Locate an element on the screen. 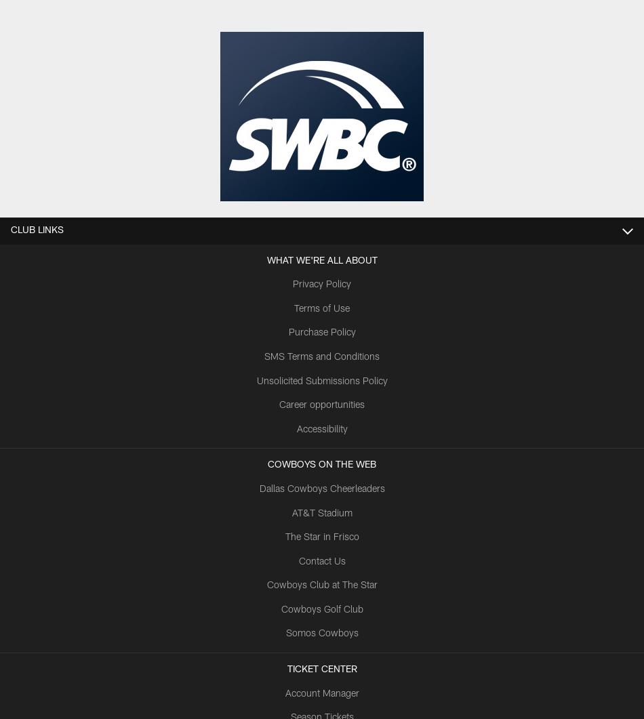 This screenshot has width=644, height=719. 'Somos Cowboys' is located at coordinates (321, 634).